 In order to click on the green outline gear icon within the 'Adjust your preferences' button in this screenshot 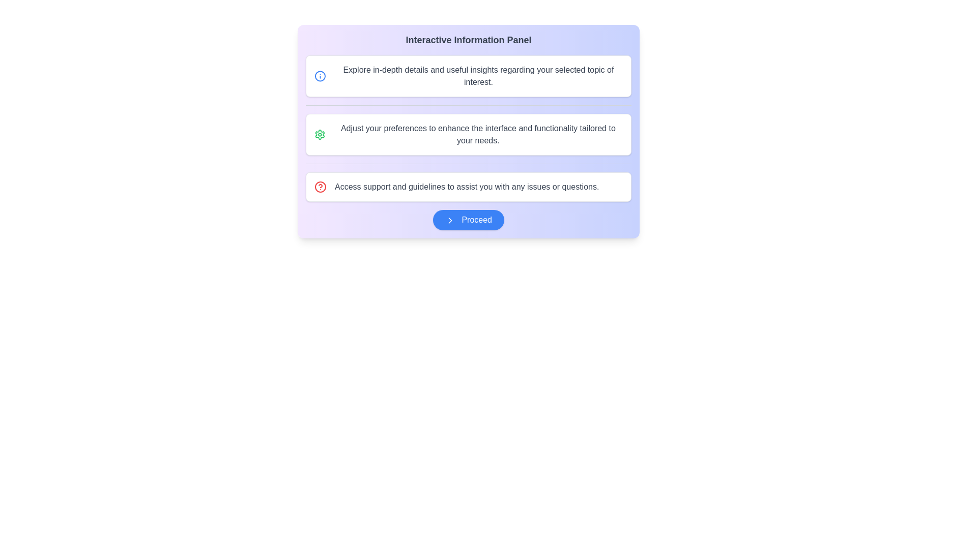, I will do `click(319, 134)`.